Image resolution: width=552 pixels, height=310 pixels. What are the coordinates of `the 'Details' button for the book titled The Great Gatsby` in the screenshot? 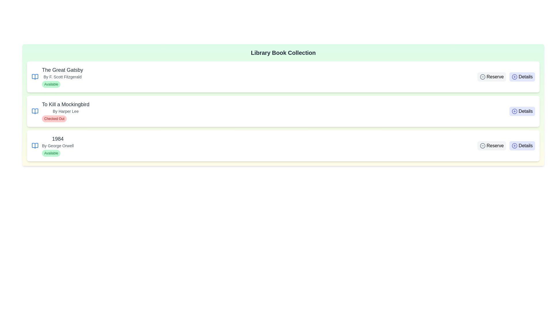 It's located at (522, 76).